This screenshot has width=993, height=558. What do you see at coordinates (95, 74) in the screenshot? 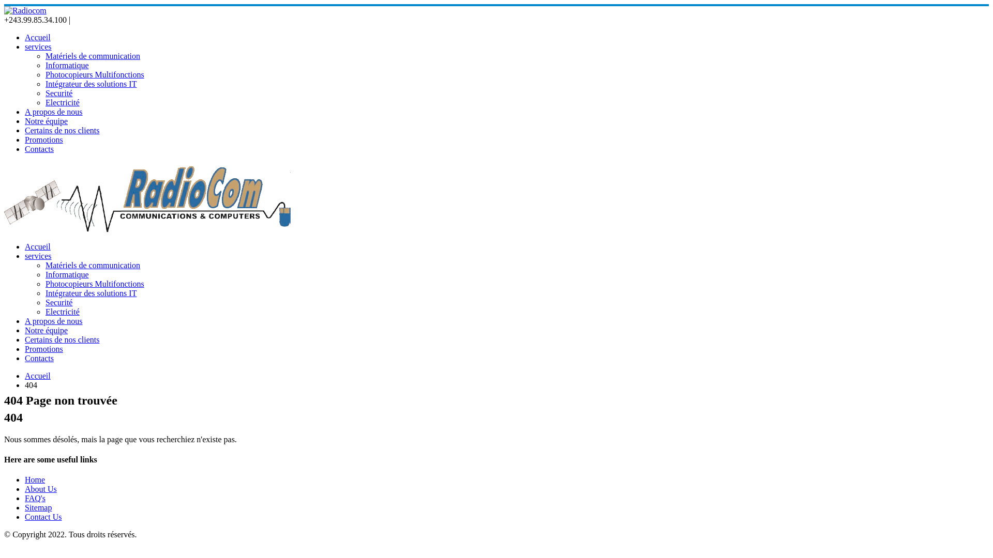
I see `'Photocopieurs Multifonctions'` at bounding box center [95, 74].